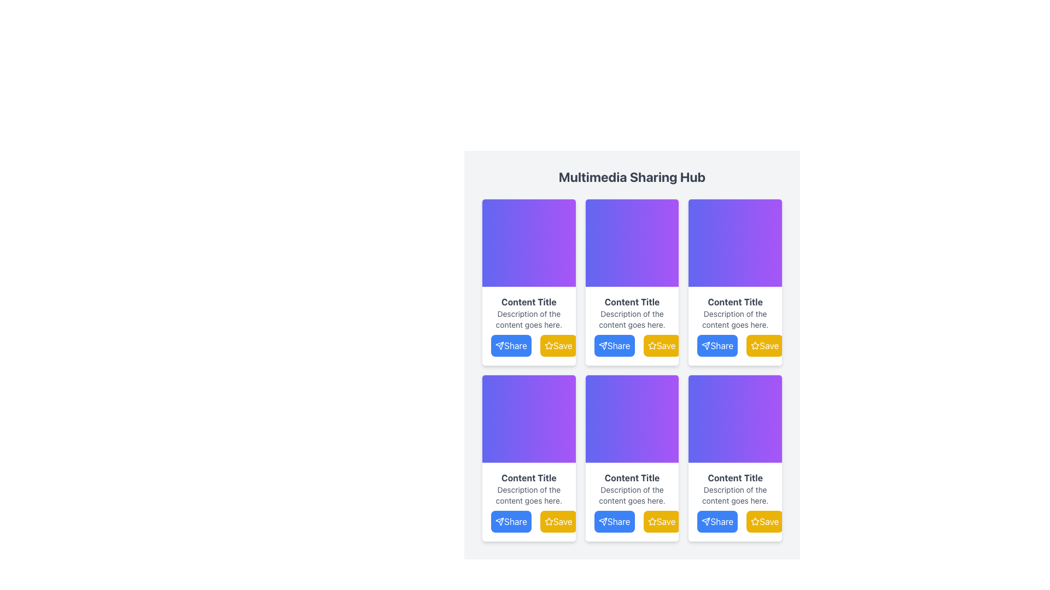 The width and height of the screenshot is (1050, 590). What do you see at coordinates (706, 521) in the screenshot?
I see `the 'Send' icon located as part of the 'Share' button beneath the content card in the bottom-right corner of the interface to engage the share function` at bounding box center [706, 521].